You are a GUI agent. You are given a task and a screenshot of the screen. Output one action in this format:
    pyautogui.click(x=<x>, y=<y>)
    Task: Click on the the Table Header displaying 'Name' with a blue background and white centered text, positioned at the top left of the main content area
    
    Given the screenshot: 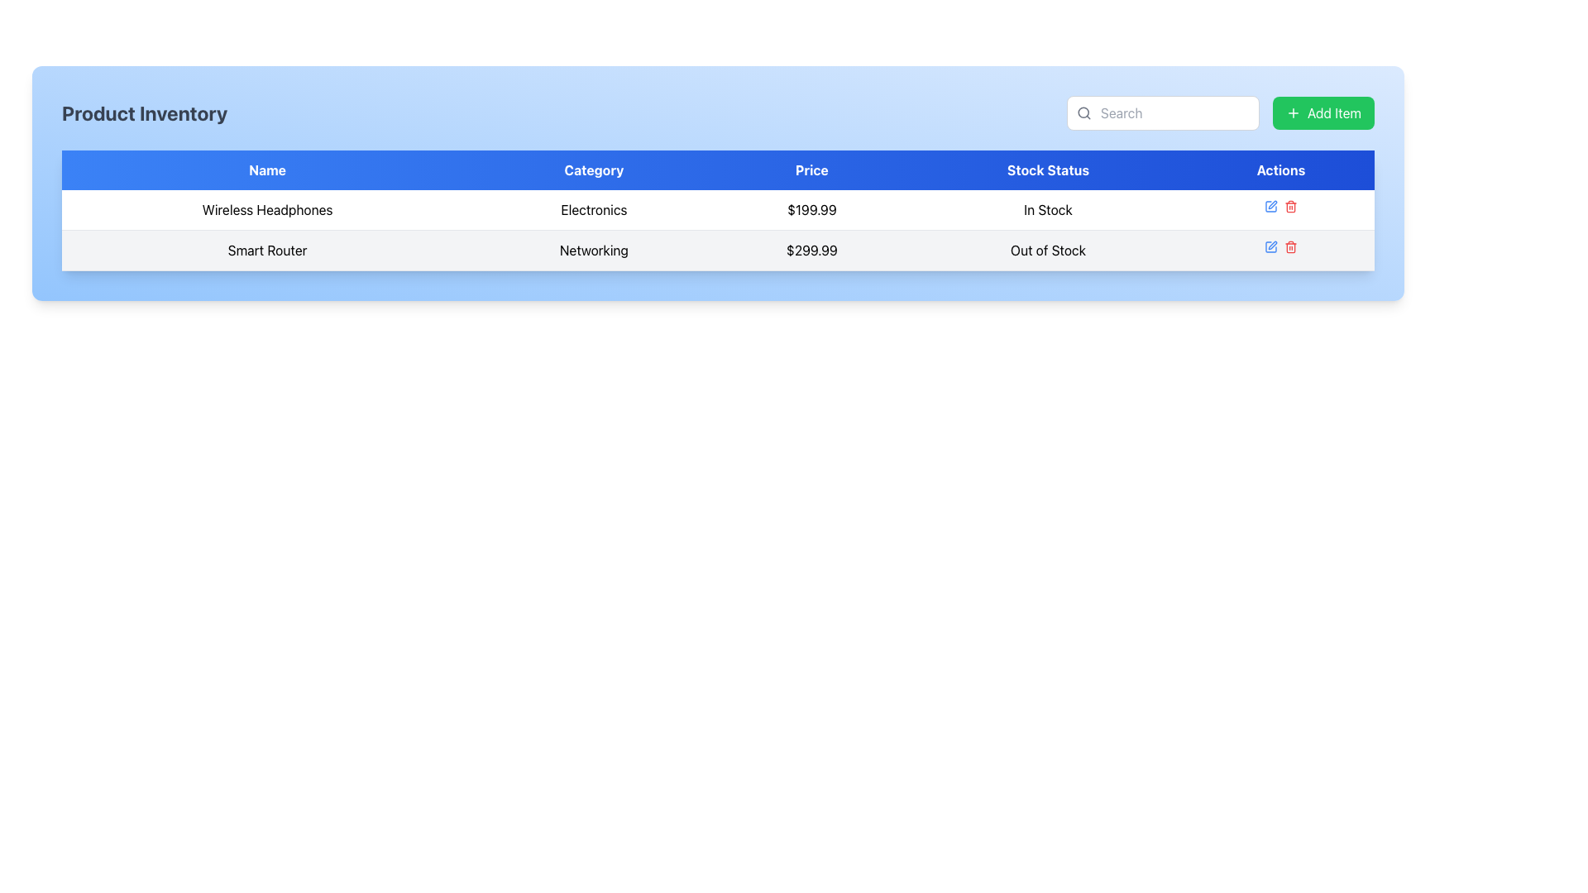 What is the action you would take?
    pyautogui.click(x=267, y=170)
    